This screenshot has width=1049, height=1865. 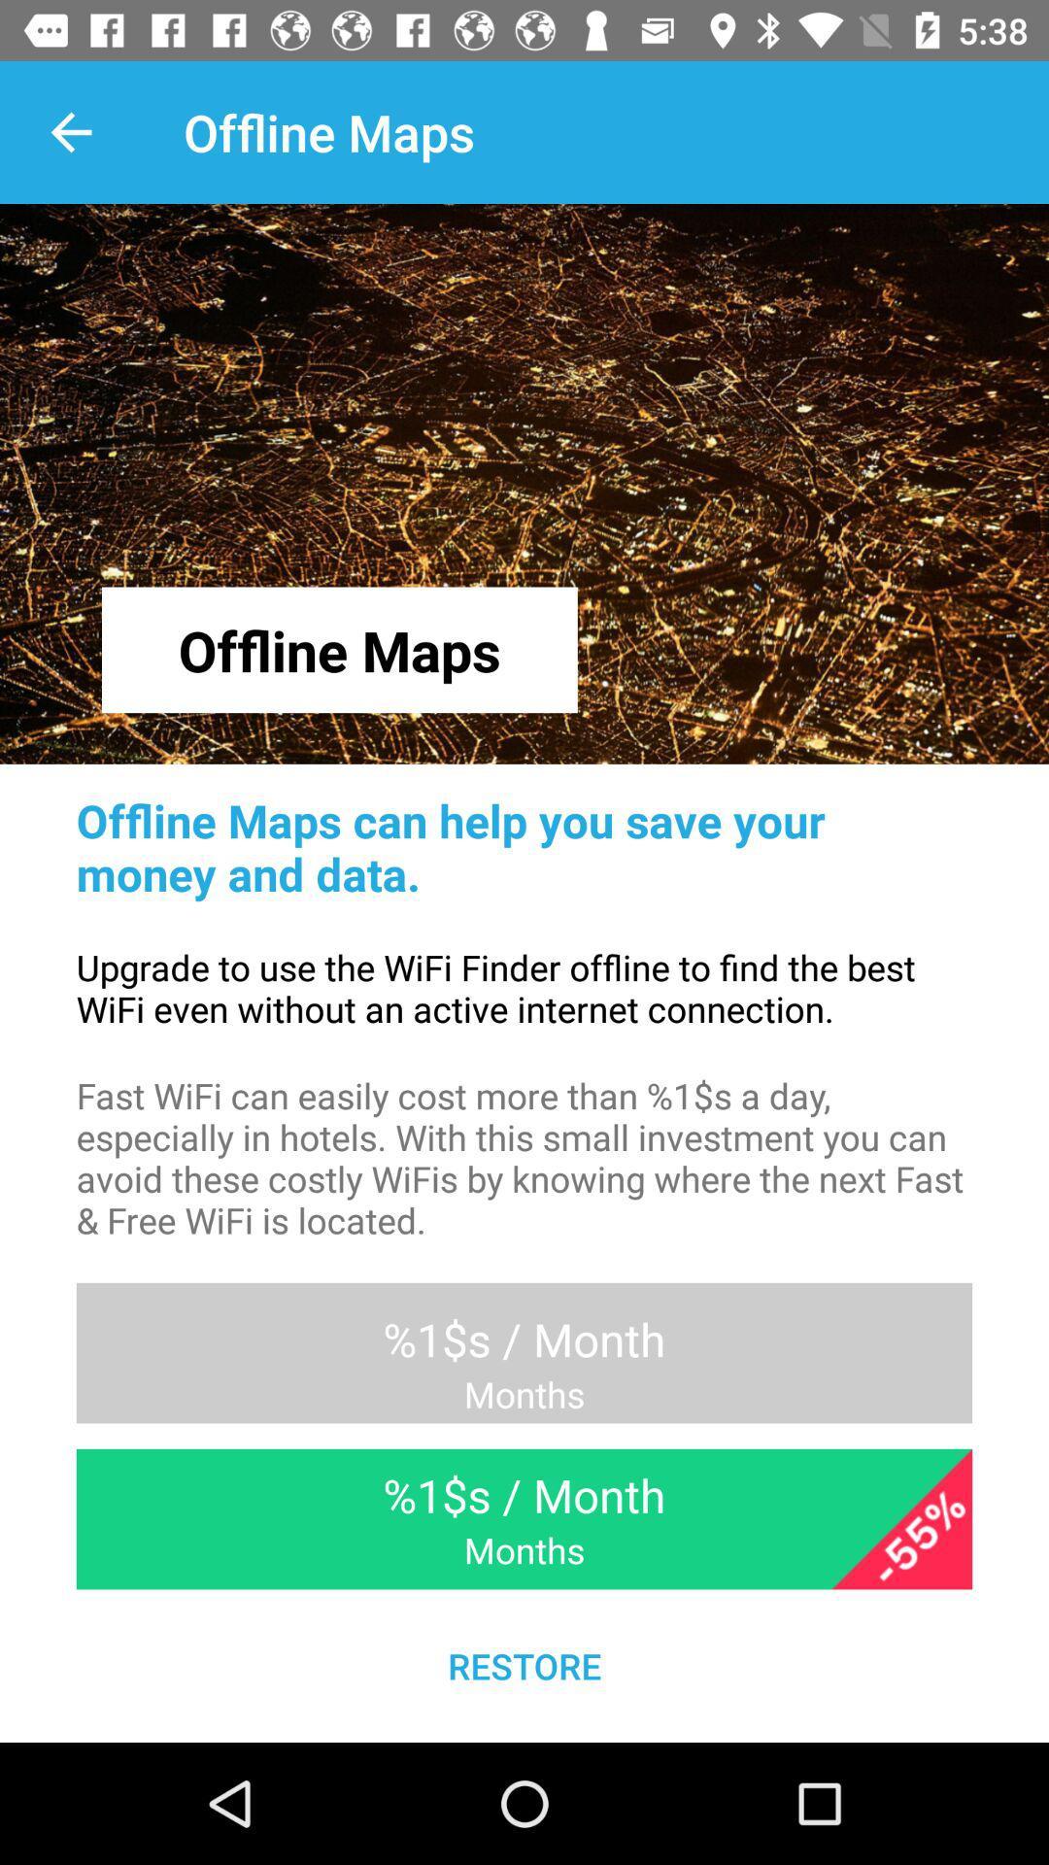 I want to click on item next to the offline maps, so click(x=70, y=131).